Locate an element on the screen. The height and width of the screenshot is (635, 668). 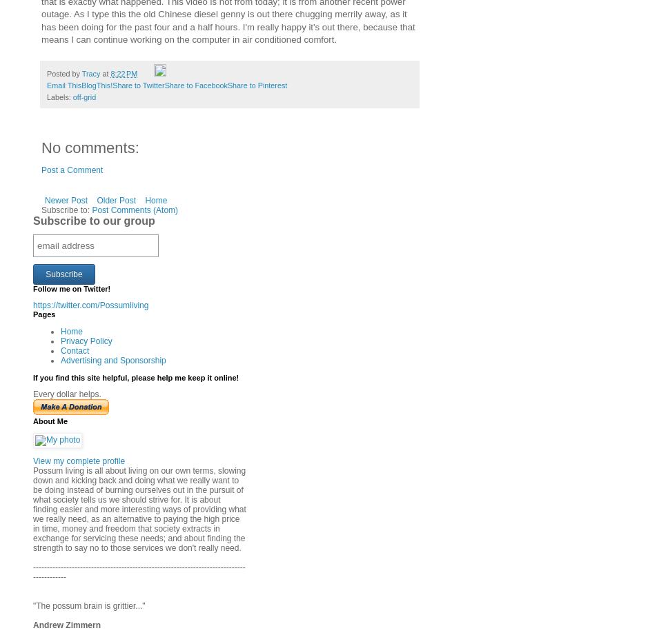
'View my complete profile' is located at coordinates (32, 461).